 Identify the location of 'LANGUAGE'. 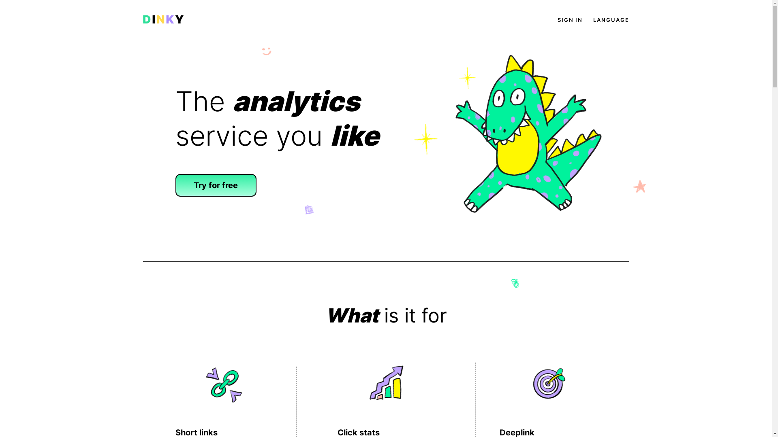
(611, 19).